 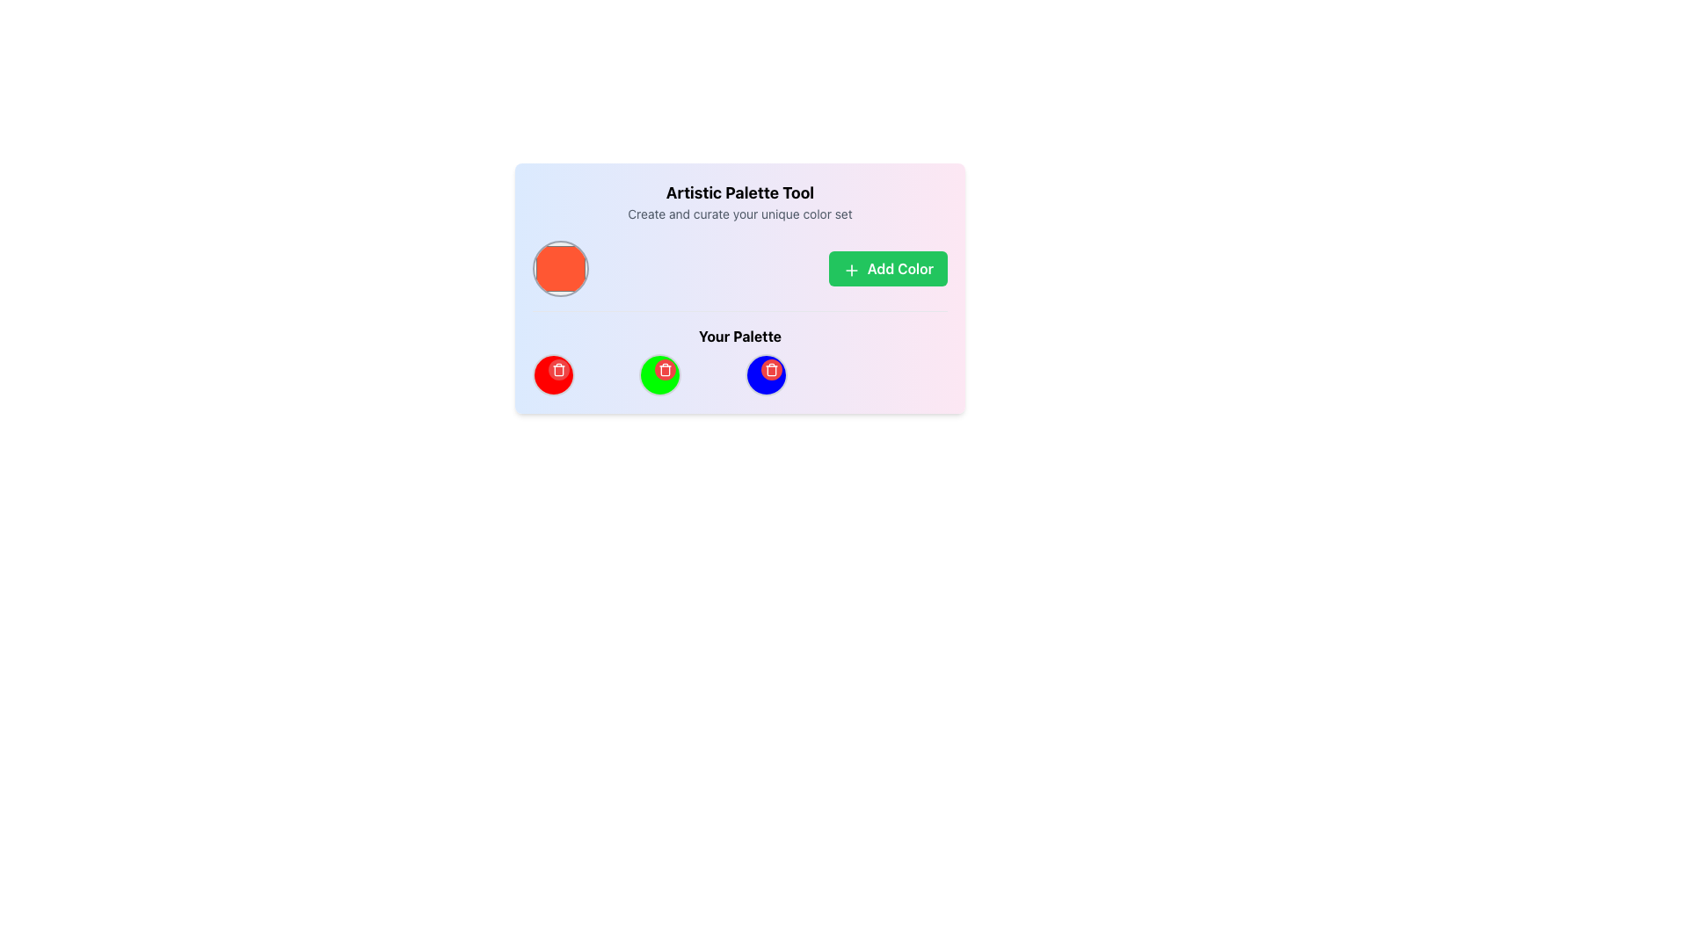 What do you see at coordinates (552, 374) in the screenshot?
I see `the circular red trash can icon in the 'Your Palette' section` at bounding box center [552, 374].